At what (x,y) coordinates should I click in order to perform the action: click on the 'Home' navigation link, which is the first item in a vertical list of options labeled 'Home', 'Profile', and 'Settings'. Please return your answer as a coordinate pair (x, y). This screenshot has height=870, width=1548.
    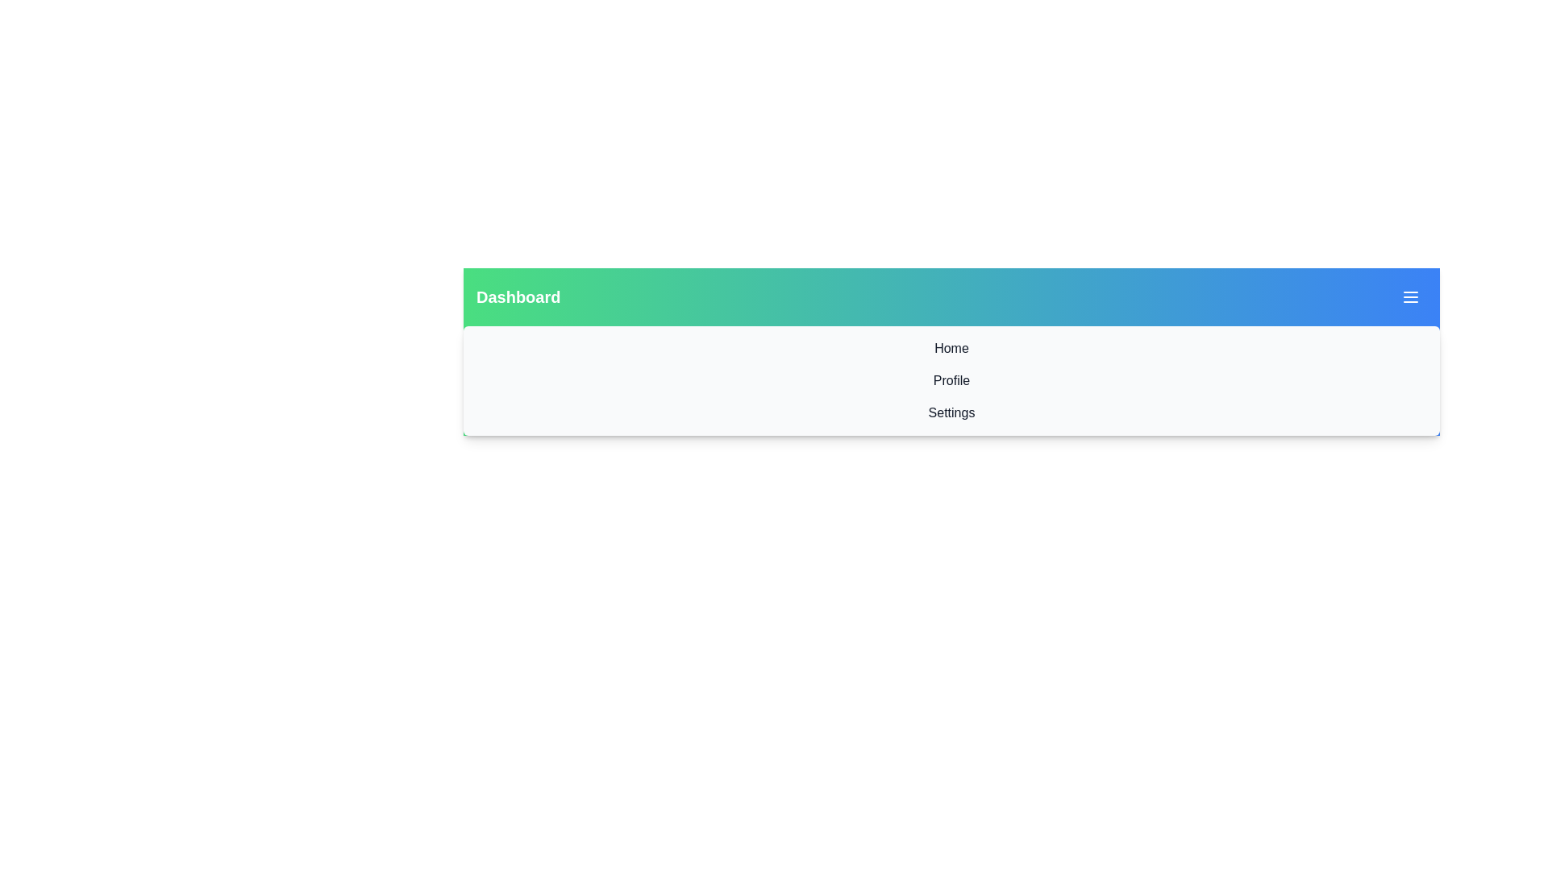
    Looking at the image, I should click on (951, 347).